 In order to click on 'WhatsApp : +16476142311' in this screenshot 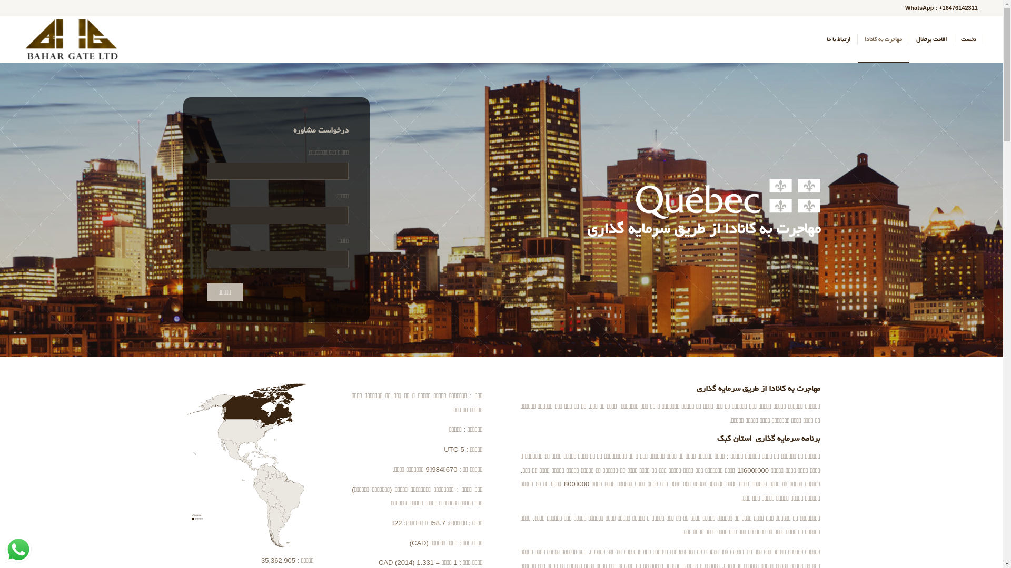, I will do `click(941, 8)`.